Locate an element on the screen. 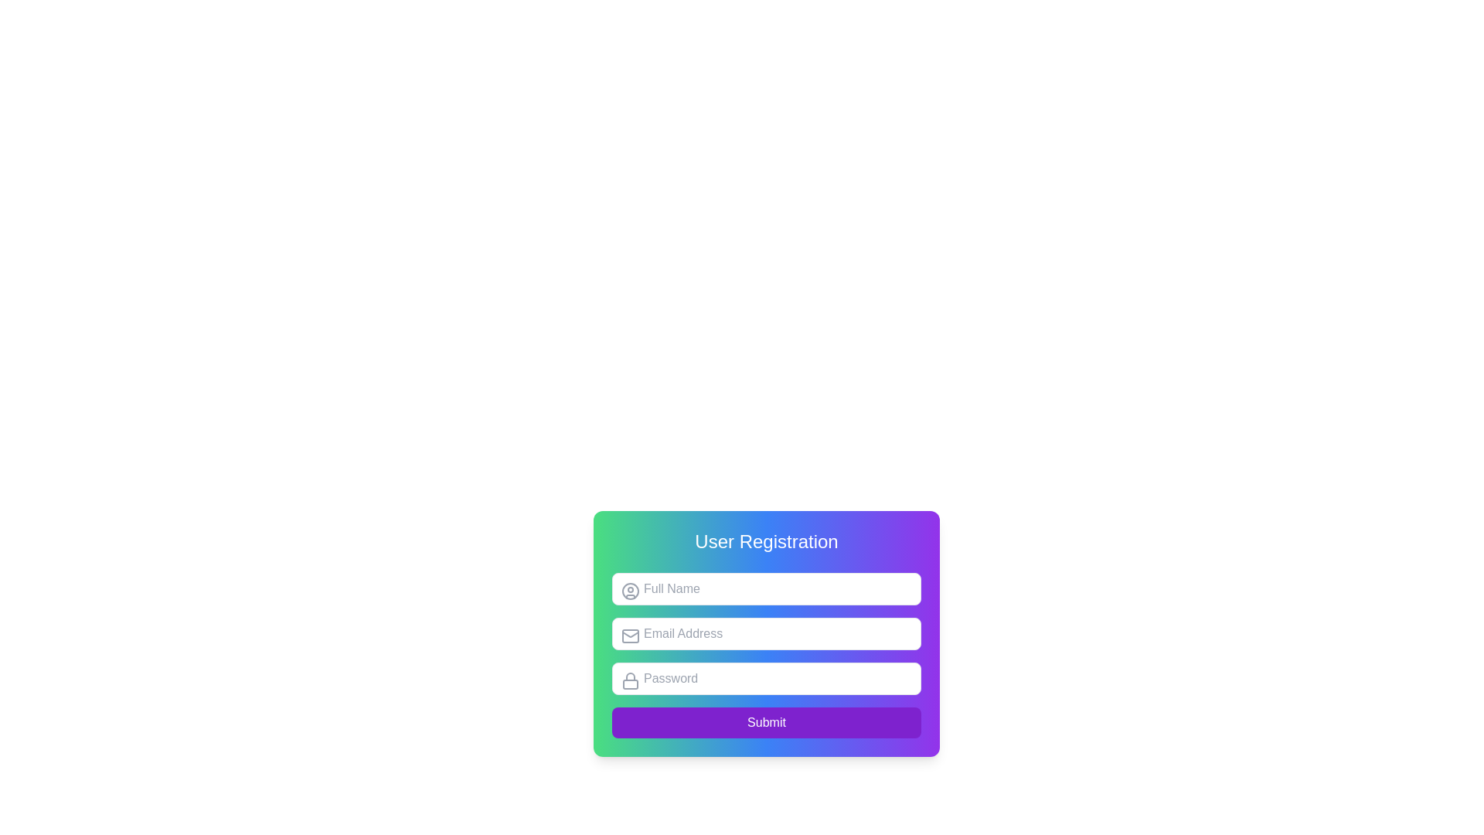 The width and height of the screenshot is (1484, 835). the Decorative graphic that visually indicates the purpose of the adjacent email address input field in the 'User Registration' form is located at coordinates (631, 636).